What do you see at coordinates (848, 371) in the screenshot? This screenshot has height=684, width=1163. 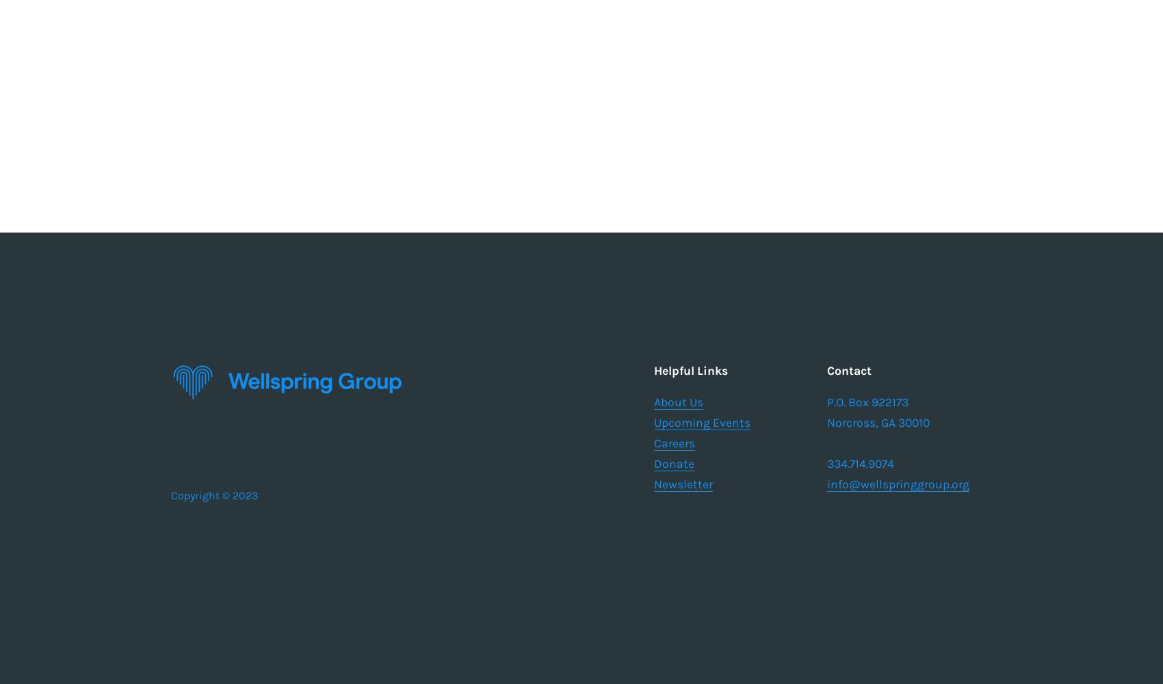 I see `'Contact'` at bounding box center [848, 371].